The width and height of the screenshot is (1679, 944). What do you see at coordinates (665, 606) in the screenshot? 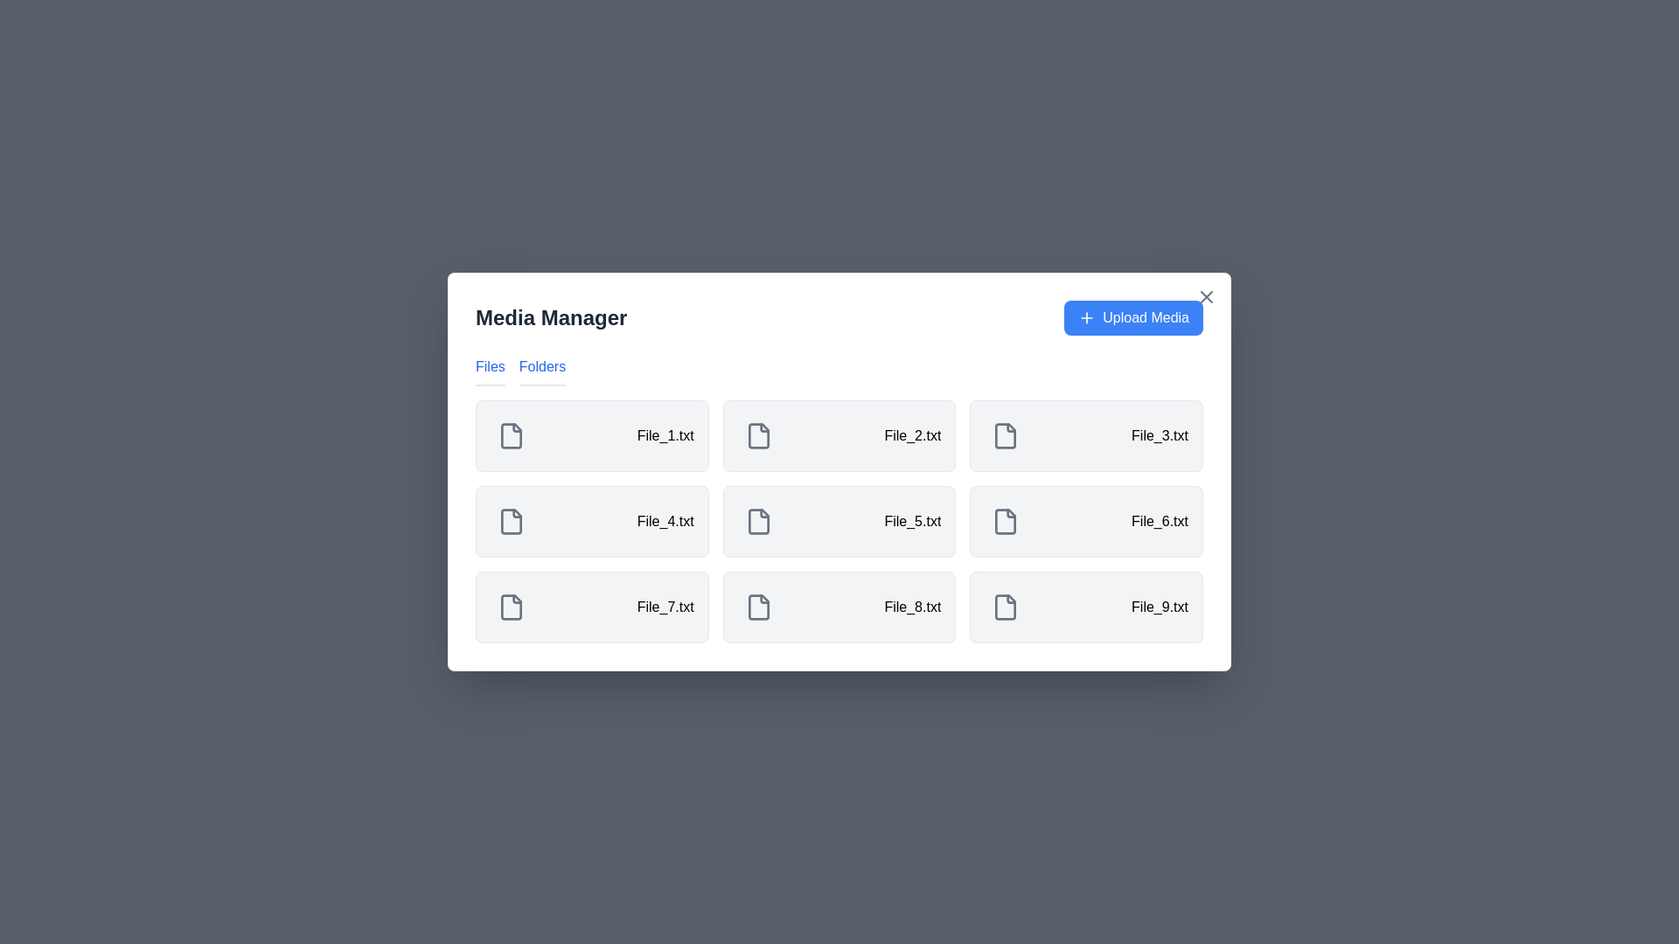
I see `the text label identifying the file 'File_7.txt' located in the third row, first column of the grid layout` at bounding box center [665, 606].